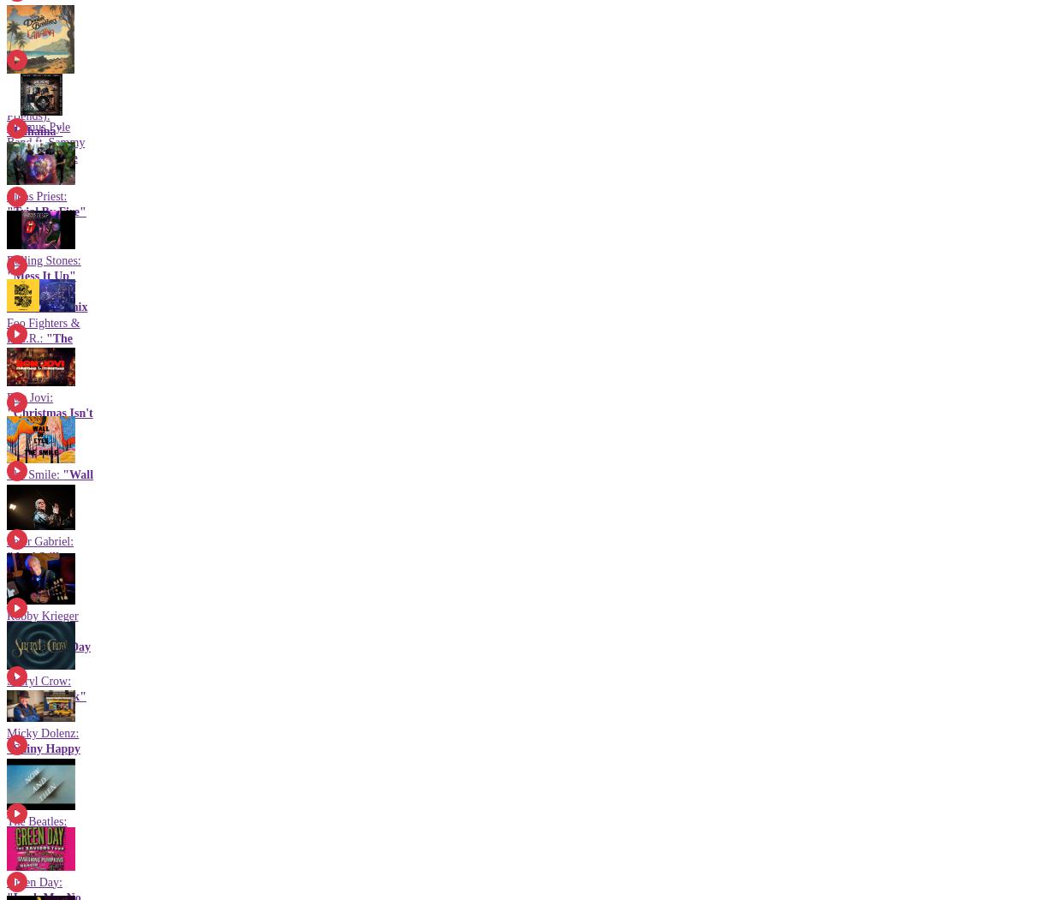 The image size is (1050, 900). What do you see at coordinates (42, 732) in the screenshot?
I see `'Micky Dolenz:'` at bounding box center [42, 732].